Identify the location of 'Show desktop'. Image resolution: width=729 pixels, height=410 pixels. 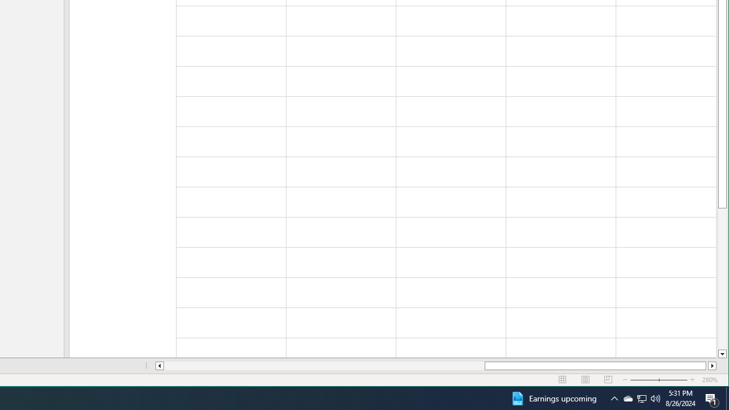
(727, 397).